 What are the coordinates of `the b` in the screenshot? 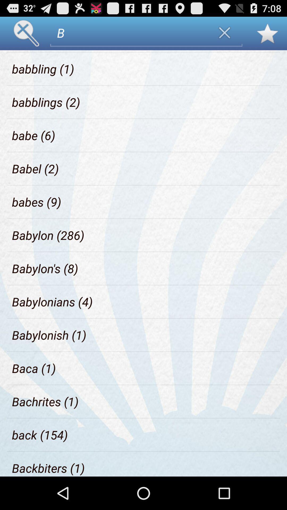 It's located at (129, 32).